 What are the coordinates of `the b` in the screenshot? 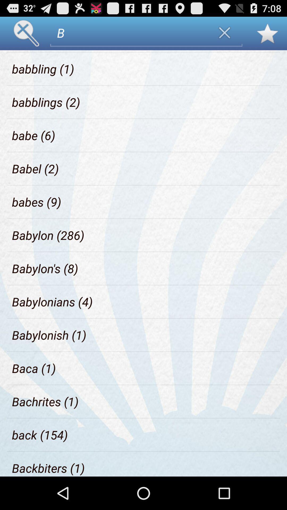 It's located at (129, 32).